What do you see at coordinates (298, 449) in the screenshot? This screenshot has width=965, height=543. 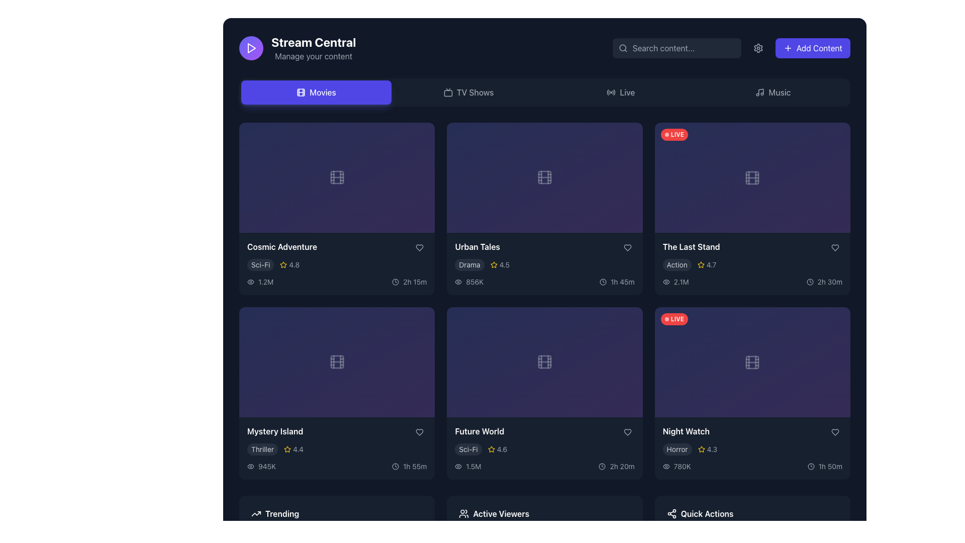 I see `the Text label that represents the user rating of the 'Mystery Island' movie, located to the right of the yellow star icon in the bottom left corner of the movie card` at bounding box center [298, 449].